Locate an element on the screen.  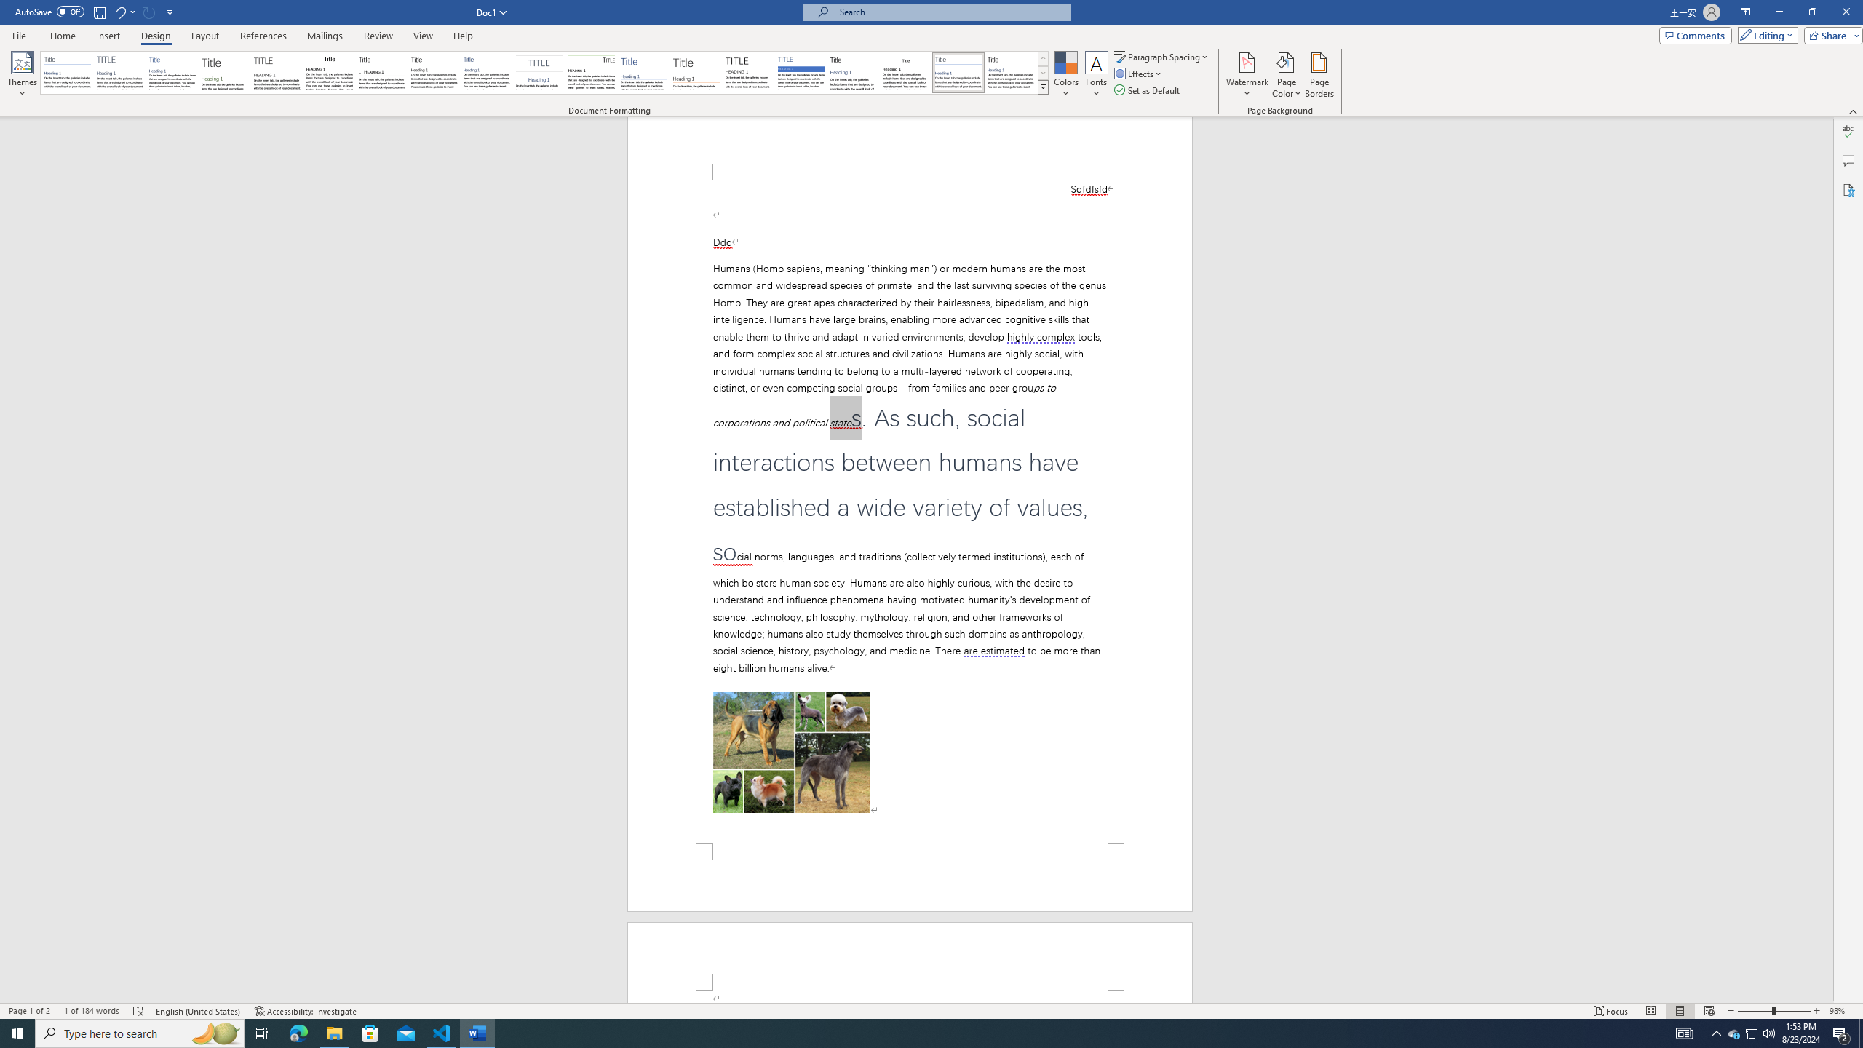
'Shaded' is located at coordinates (801, 72).